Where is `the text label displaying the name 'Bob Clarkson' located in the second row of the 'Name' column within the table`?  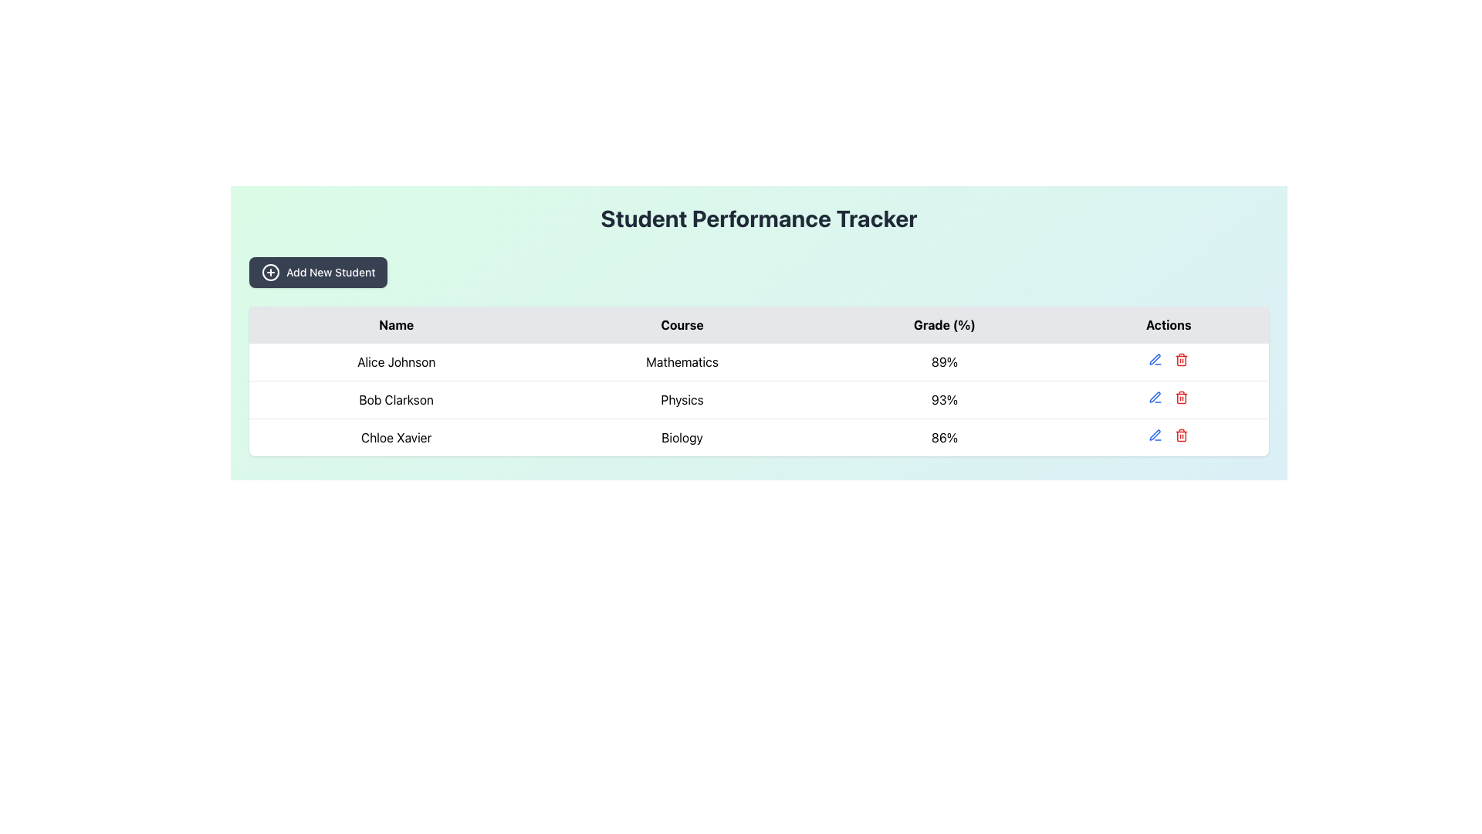 the text label displaying the name 'Bob Clarkson' located in the second row of the 'Name' column within the table is located at coordinates (396, 398).